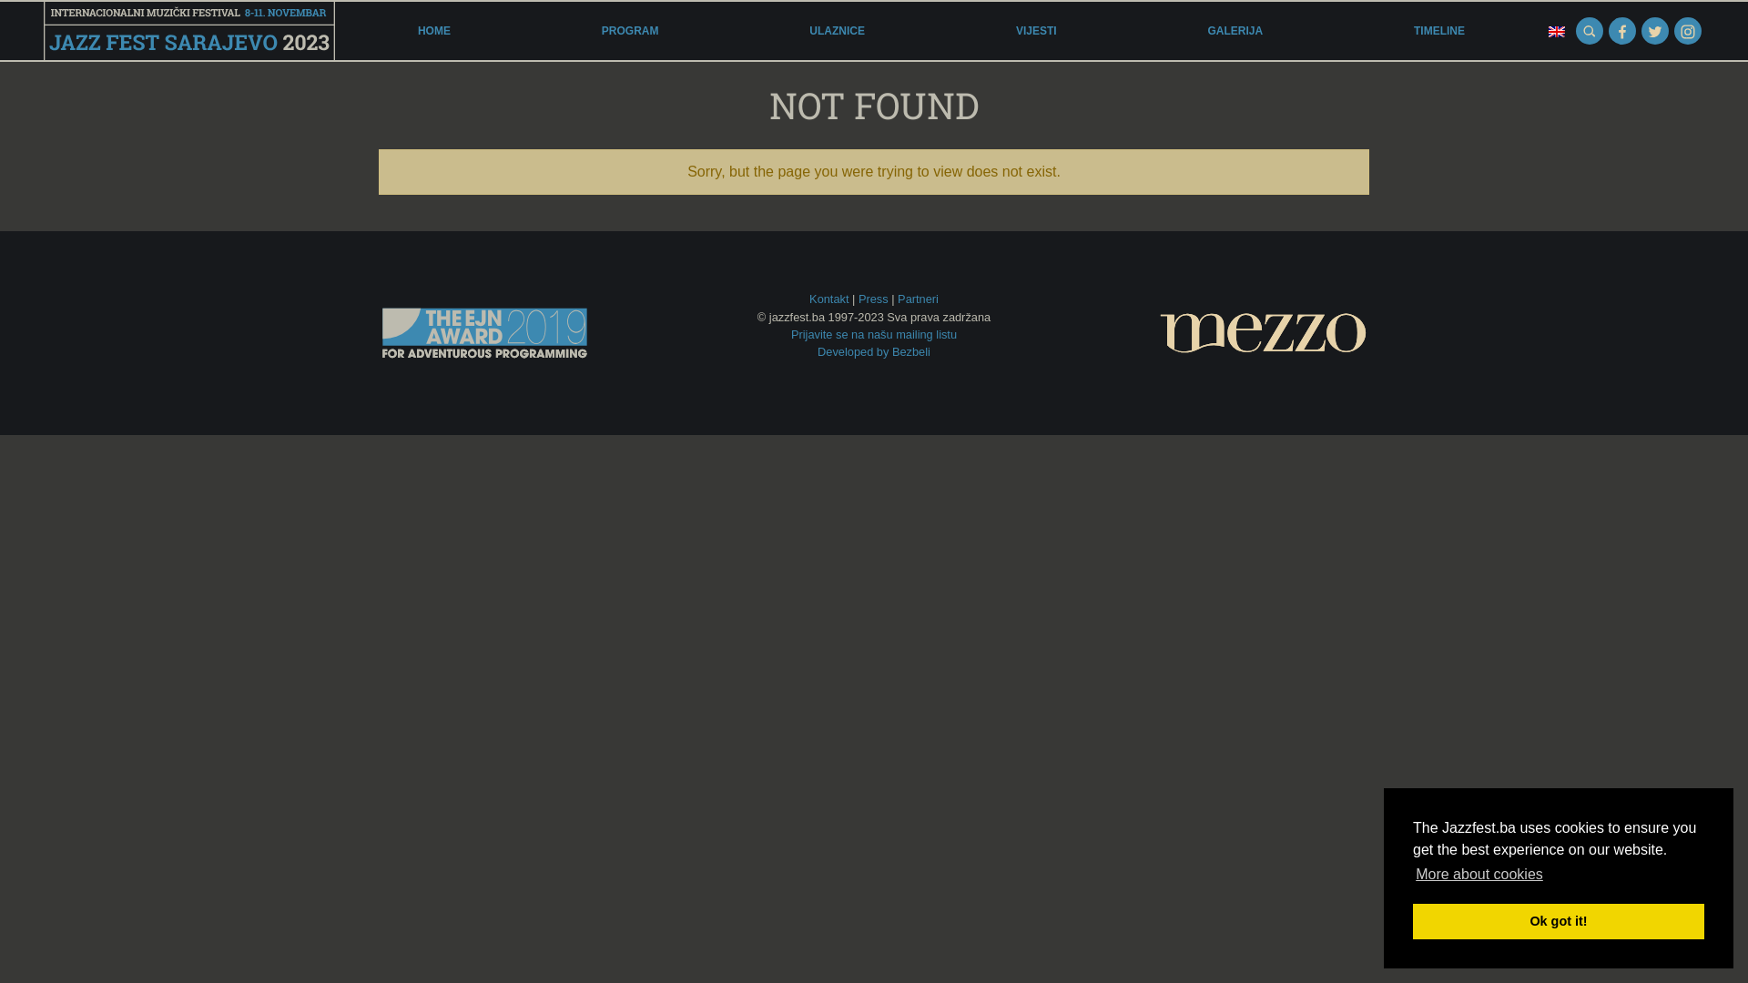 Image resolution: width=1748 pixels, height=983 pixels. Describe the element at coordinates (897, 298) in the screenshot. I see `'Partneri'` at that location.